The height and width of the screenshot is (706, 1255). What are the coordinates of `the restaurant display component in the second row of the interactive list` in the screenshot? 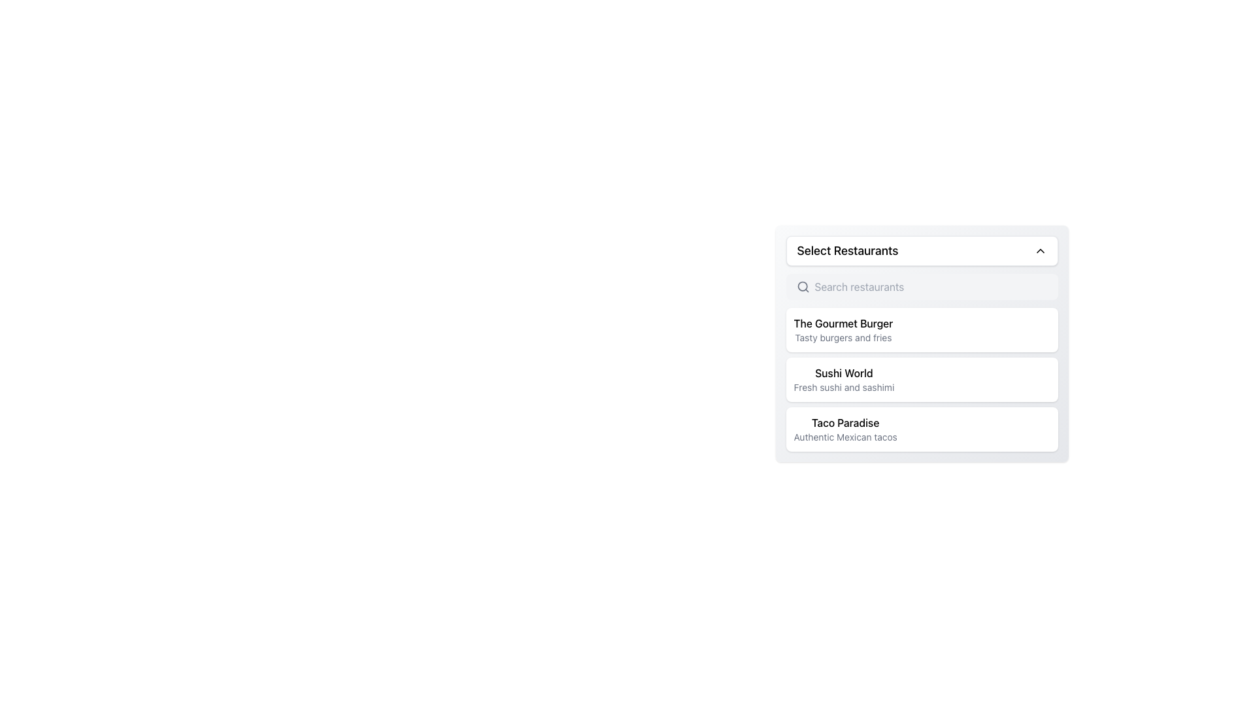 It's located at (843, 329).